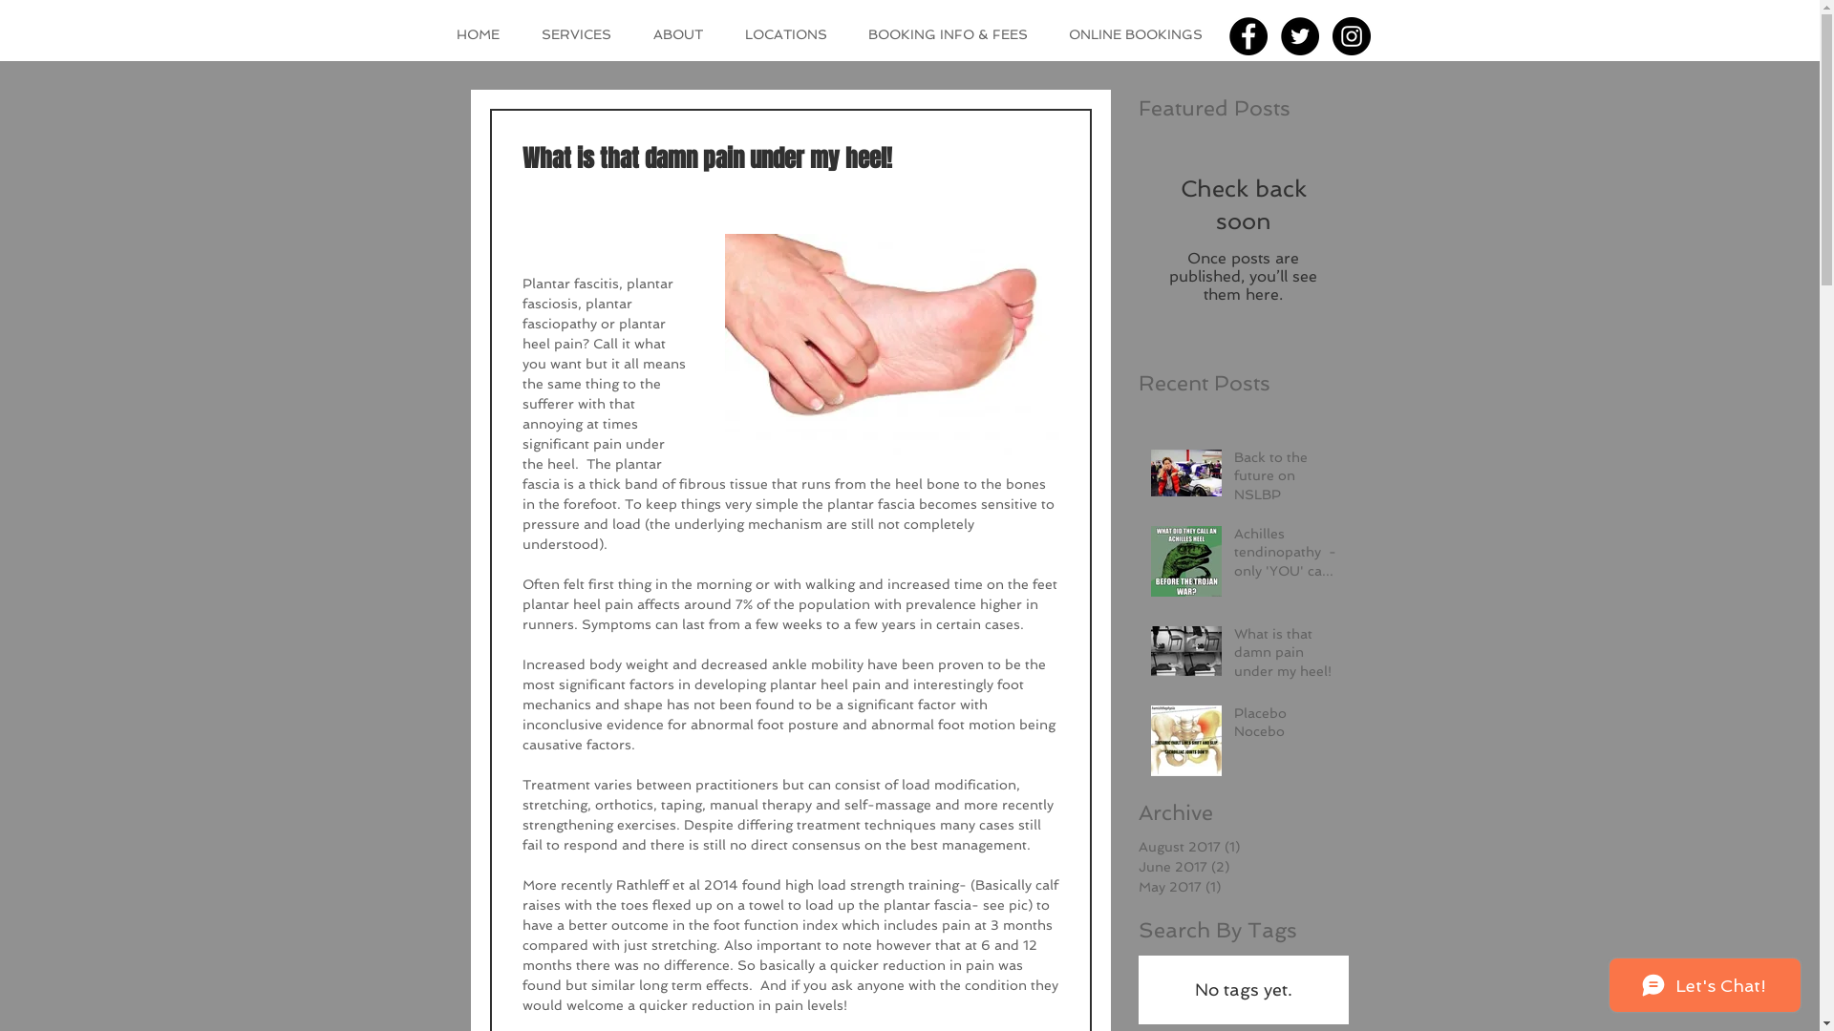  I want to click on 'Placebo Nocebo', so click(1285, 726).